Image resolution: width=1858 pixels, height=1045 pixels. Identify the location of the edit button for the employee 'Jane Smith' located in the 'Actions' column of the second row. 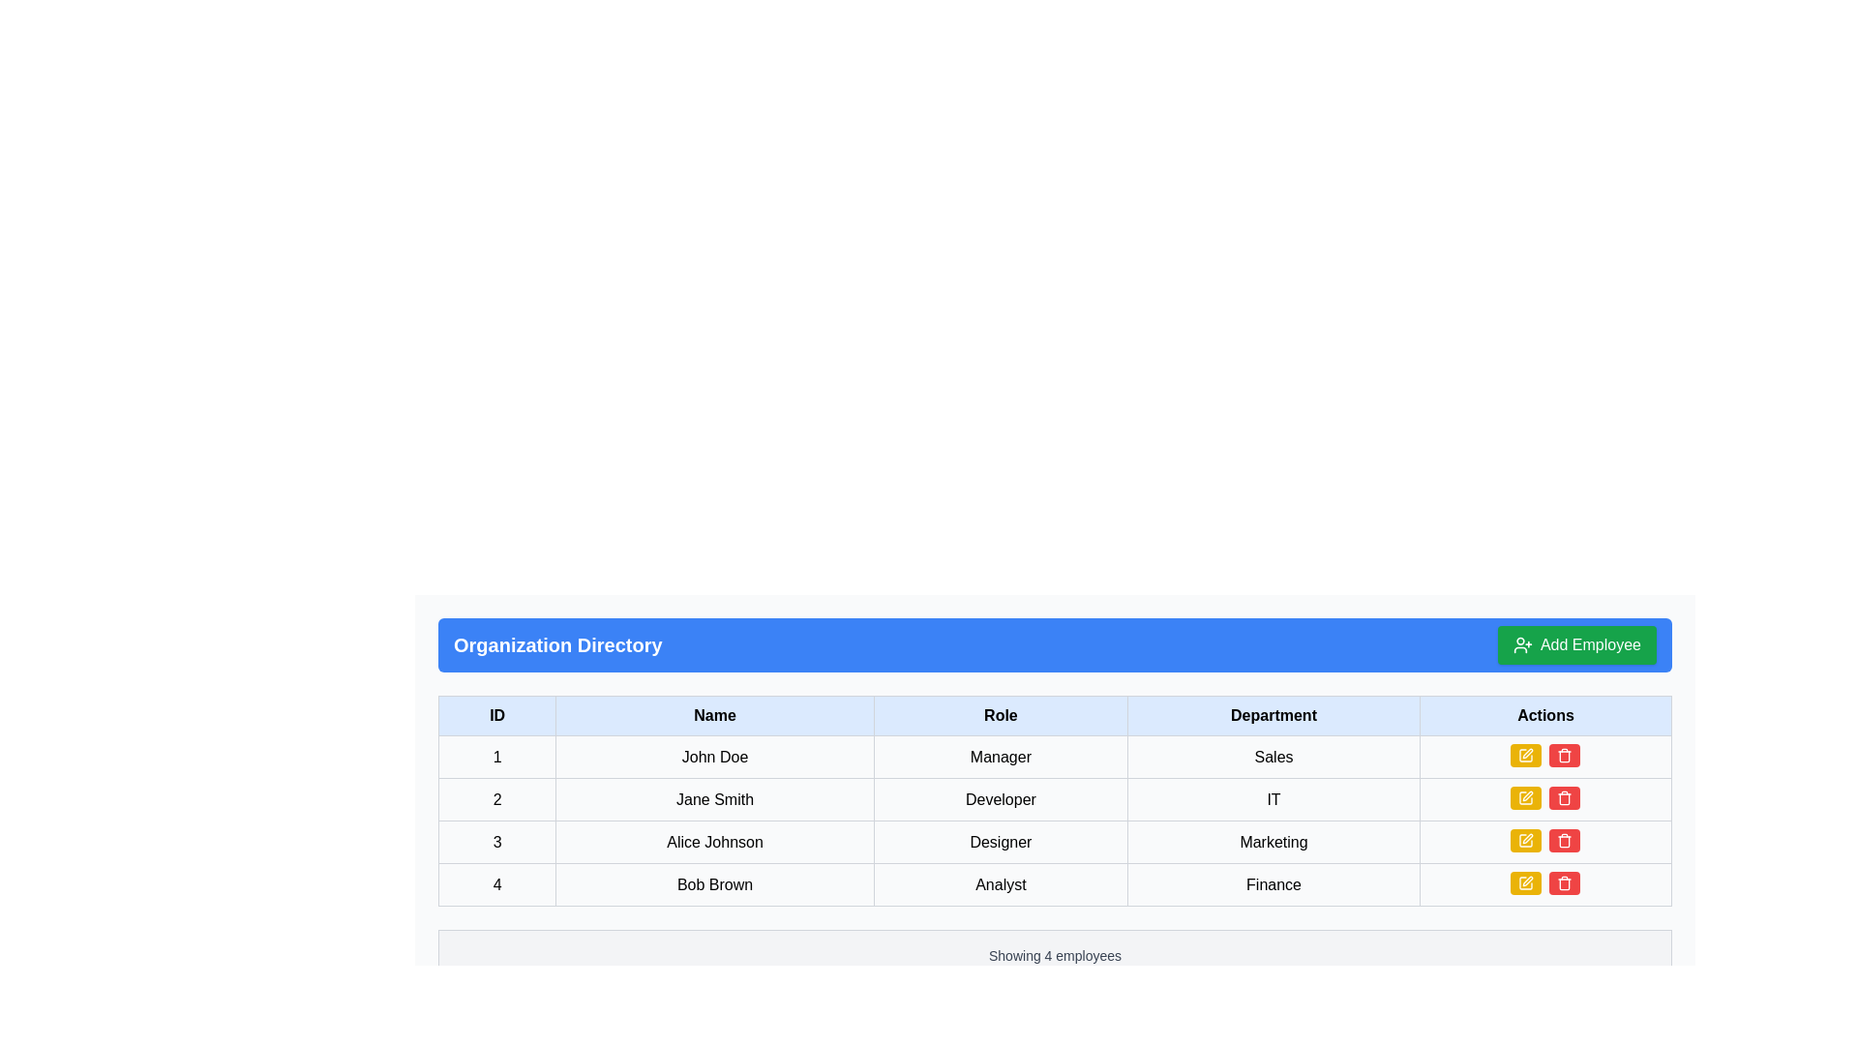
(1527, 795).